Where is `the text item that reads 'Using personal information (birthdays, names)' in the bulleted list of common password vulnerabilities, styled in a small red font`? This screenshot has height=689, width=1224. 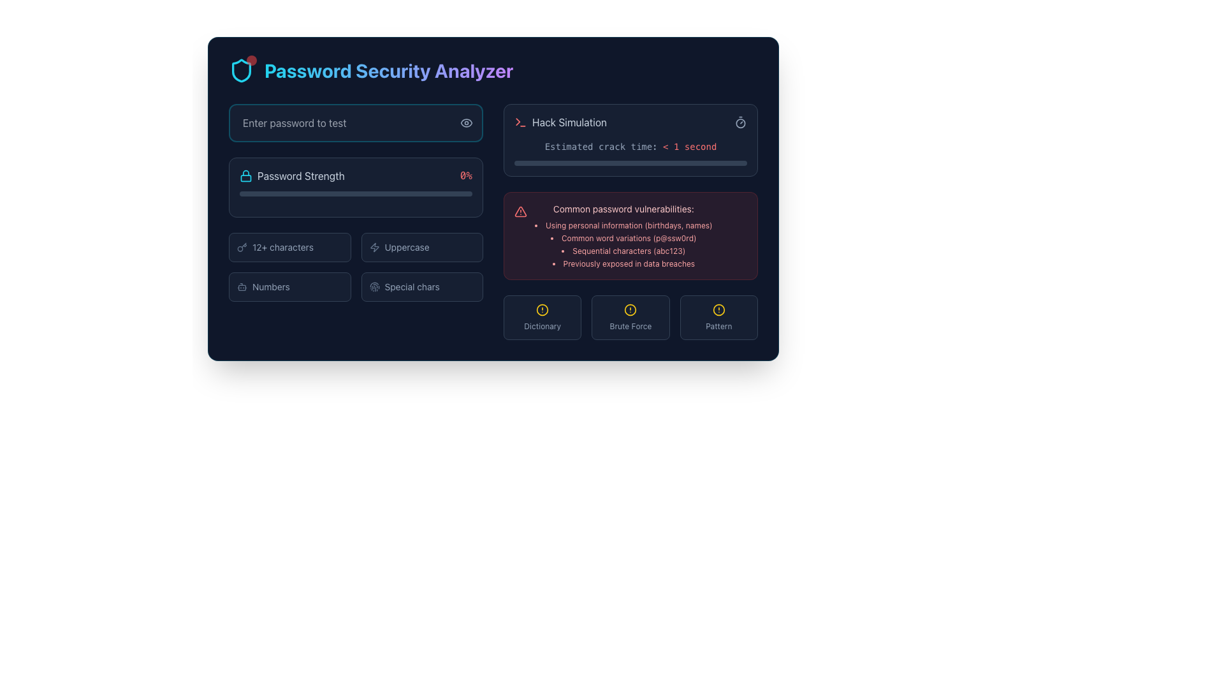 the text item that reads 'Using personal information (birthdays, names)' in the bulleted list of common password vulnerabilities, styled in a small red font is located at coordinates (623, 225).